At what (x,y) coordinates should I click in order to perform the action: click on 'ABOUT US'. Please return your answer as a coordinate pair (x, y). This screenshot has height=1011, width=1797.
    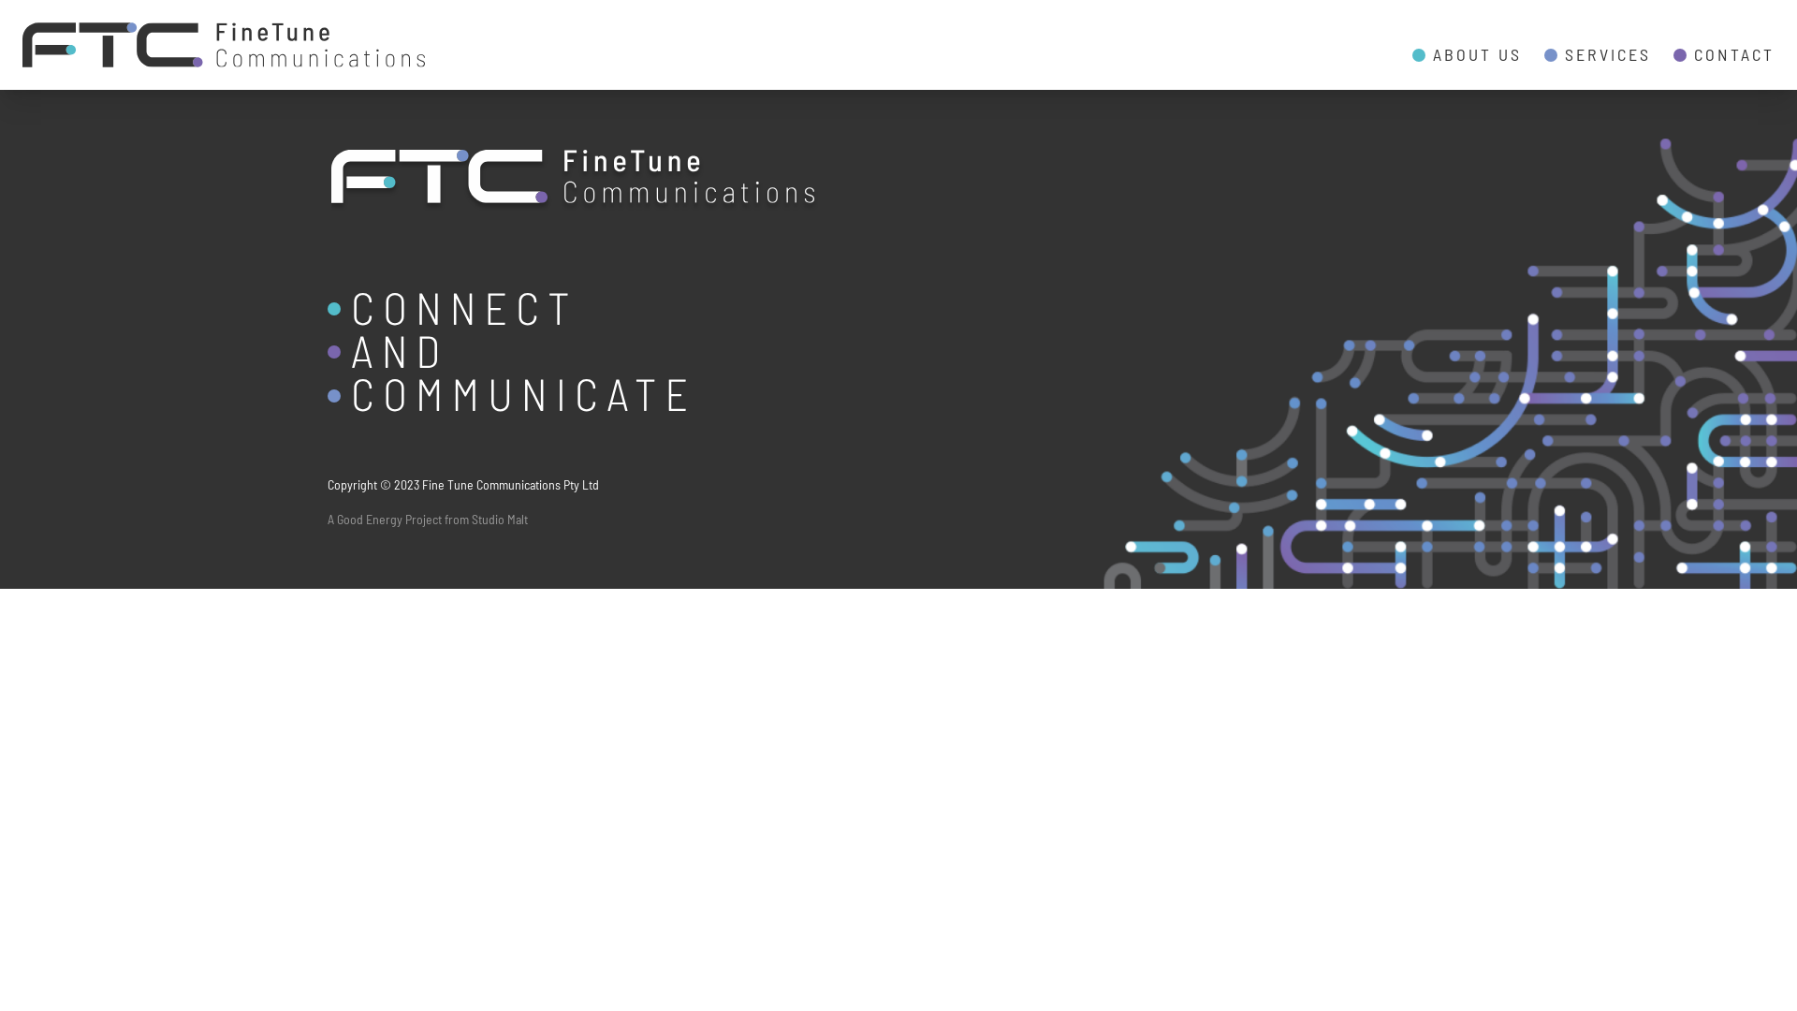
    Looking at the image, I should click on (1466, 53).